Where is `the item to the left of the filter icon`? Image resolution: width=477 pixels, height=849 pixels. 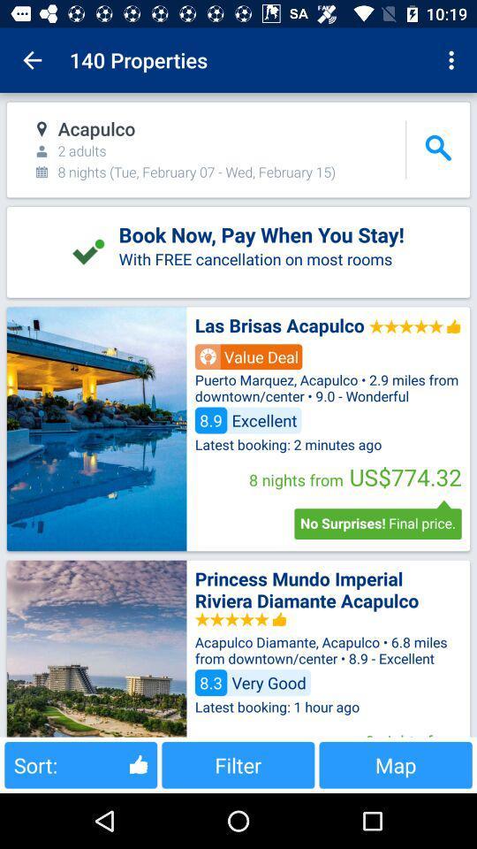 the item to the left of the filter icon is located at coordinates (79, 764).